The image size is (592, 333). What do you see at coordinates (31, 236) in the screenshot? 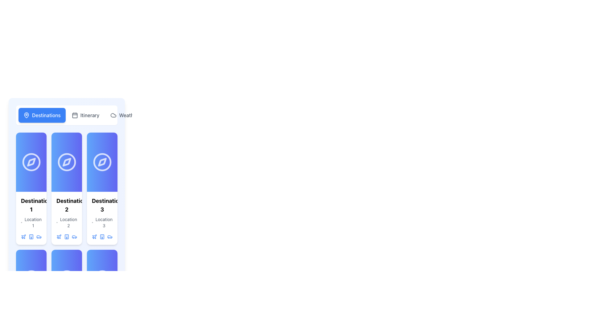
I see `the hotel icon located beneath the 'Destination 1, Location 1' card, positioned as the second icon in a row between the airplane and car icons` at bounding box center [31, 236].